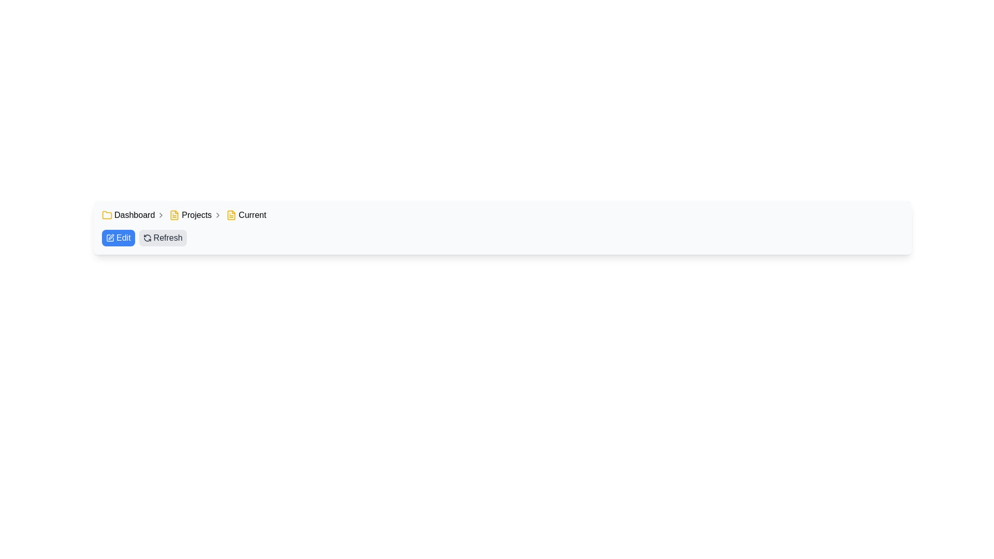 This screenshot has height=559, width=994. What do you see at coordinates (245, 215) in the screenshot?
I see `the 'Current' label in the breadcrumb navigation, which is the third item and has a small yellow file icon to its left` at bounding box center [245, 215].